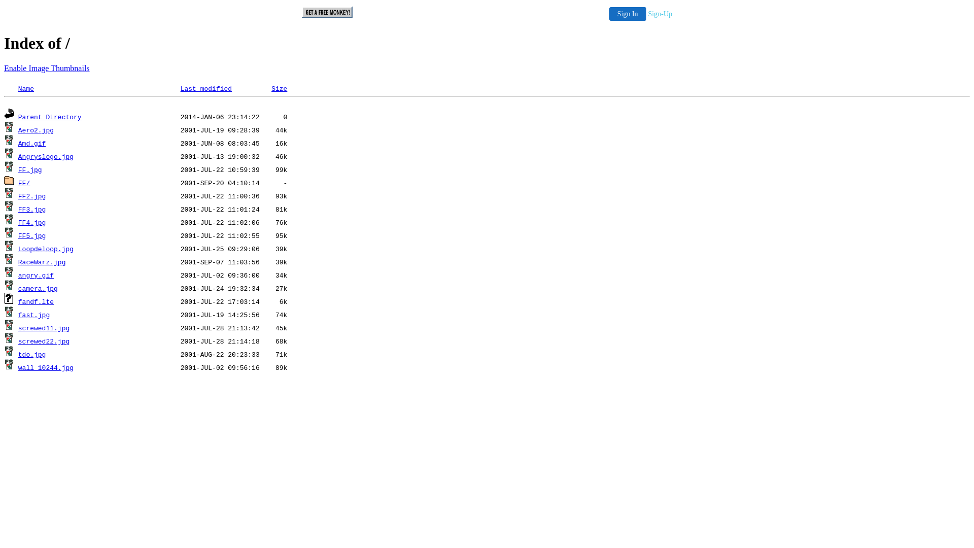 Image resolution: width=974 pixels, height=548 pixels. I want to click on 'FF.jpg', so click(30, 169).